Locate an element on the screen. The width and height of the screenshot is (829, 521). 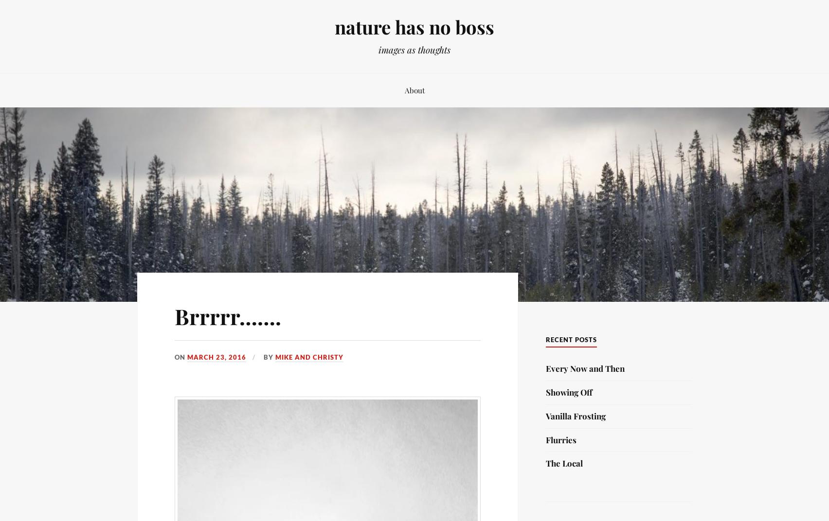
'Recent Posts' is located at coordinates (545, 339).